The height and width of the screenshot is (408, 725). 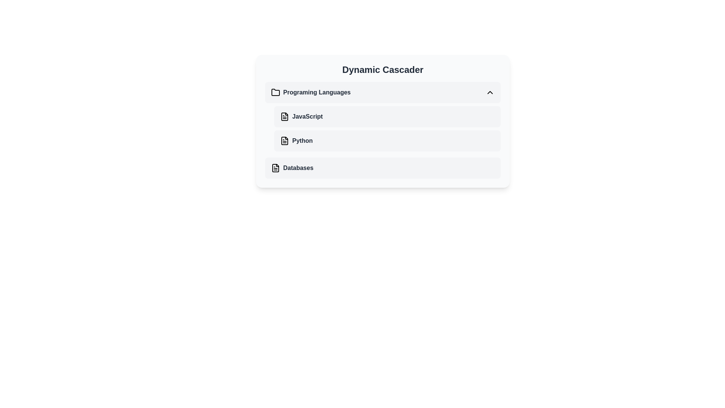 What do you see at coordinates (275, 92) in the screenshot?
I see `the folder icon, which is outlined with black strokes on a white background and positioned to the left of the text 'Programming Languages'` at bounding box center [275, 92].